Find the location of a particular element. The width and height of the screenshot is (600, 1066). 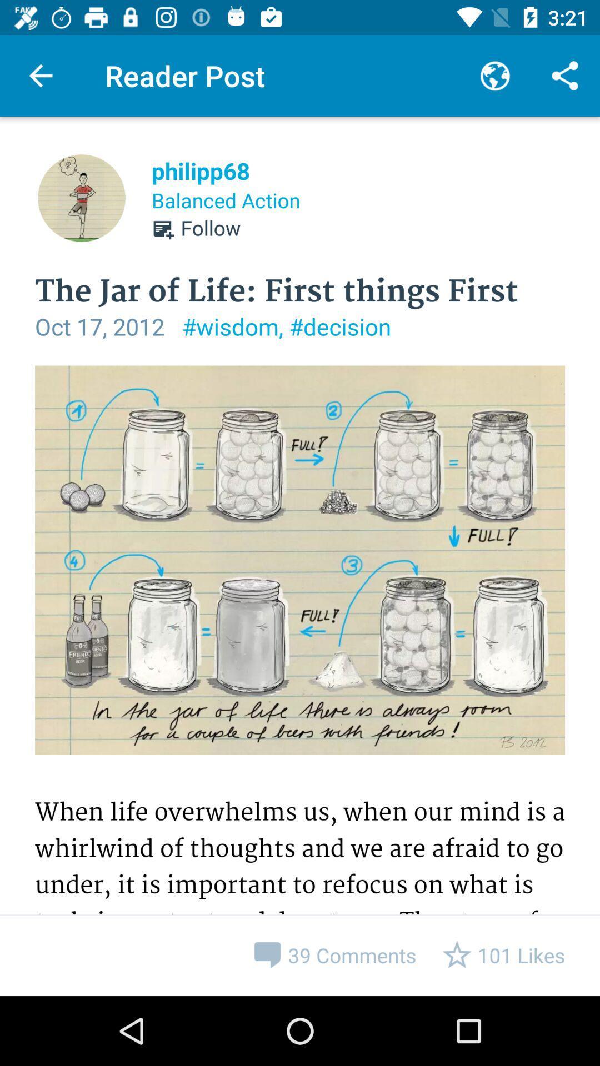

ateno is located at coordinates (300, 680).